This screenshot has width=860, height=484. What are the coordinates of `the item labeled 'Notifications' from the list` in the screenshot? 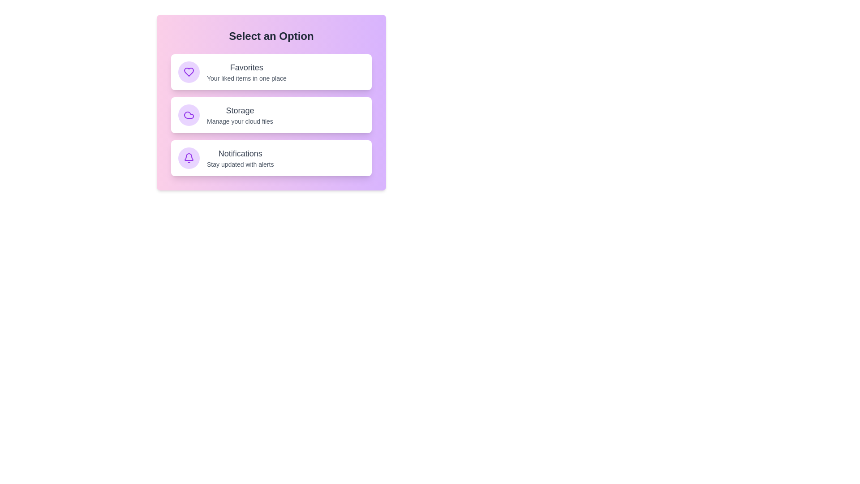 It's located at (271, 158).